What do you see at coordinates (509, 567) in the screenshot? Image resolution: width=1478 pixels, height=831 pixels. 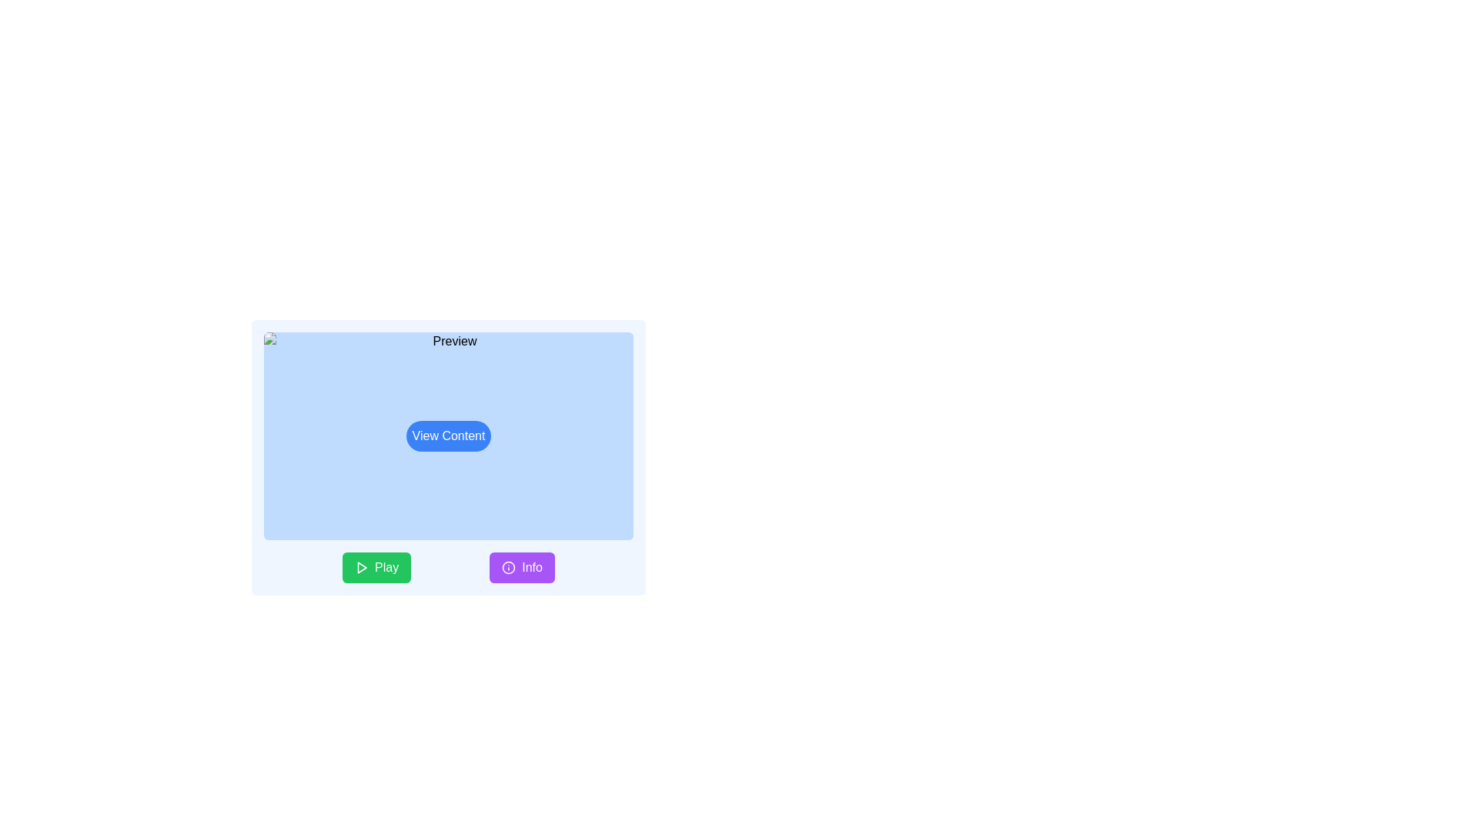 I see `the circular SVG graphic element located on the right side of the purple button labeled 'Info'` at bounding box center [509, 567].